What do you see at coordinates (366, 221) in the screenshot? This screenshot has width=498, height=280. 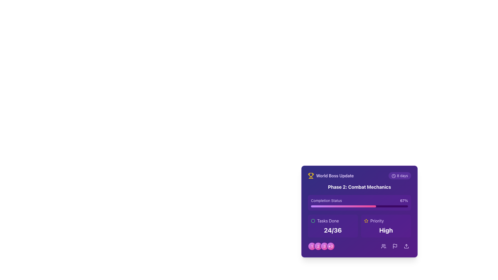 I see `the star-shaped vector graphic located in the lower right corner of the interface, which represents a rating or achievement` at bounding box center [366, 221].